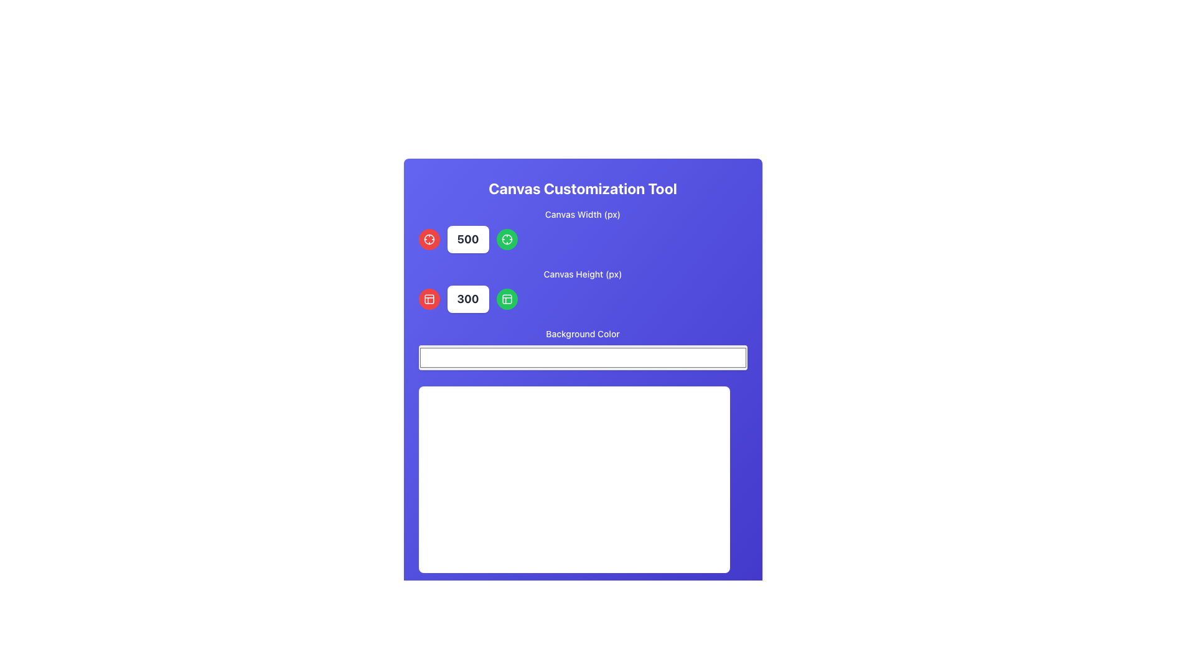  I want to click on the Text Display Box that shows the value '500' in bold black text, located in the 'Canvas Width (px)' field group, centered between a red icon on the left and a green icon on the right, so click(467, 240).